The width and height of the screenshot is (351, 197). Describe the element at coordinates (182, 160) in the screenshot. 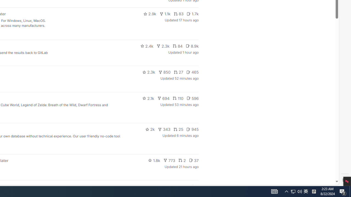

I see `'2'` at that location.